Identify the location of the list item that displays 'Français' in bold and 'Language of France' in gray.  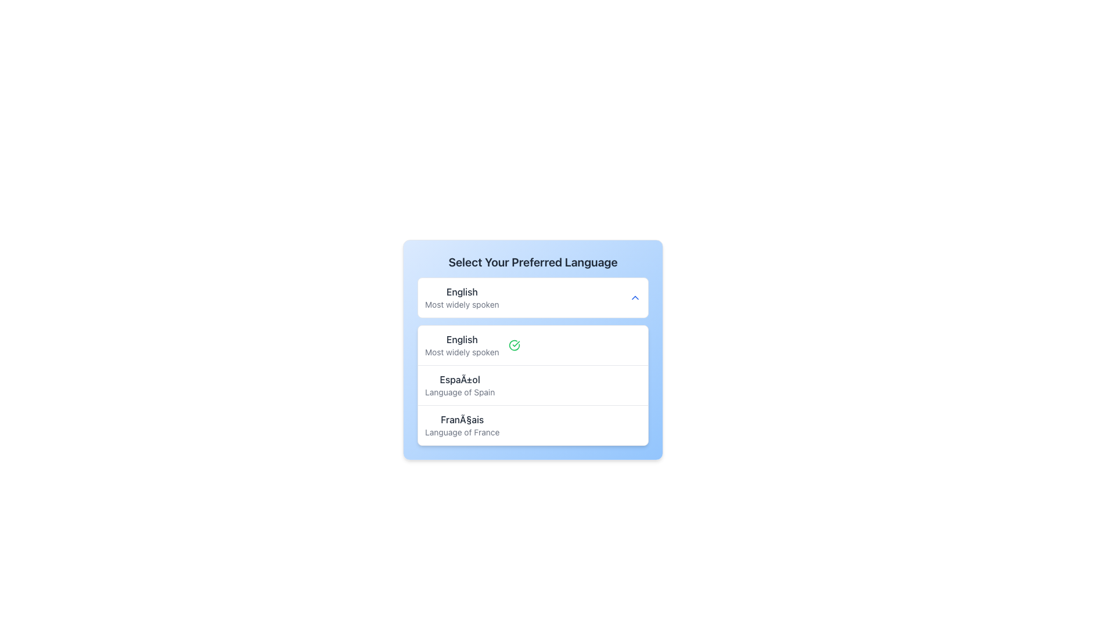
(532, 425).